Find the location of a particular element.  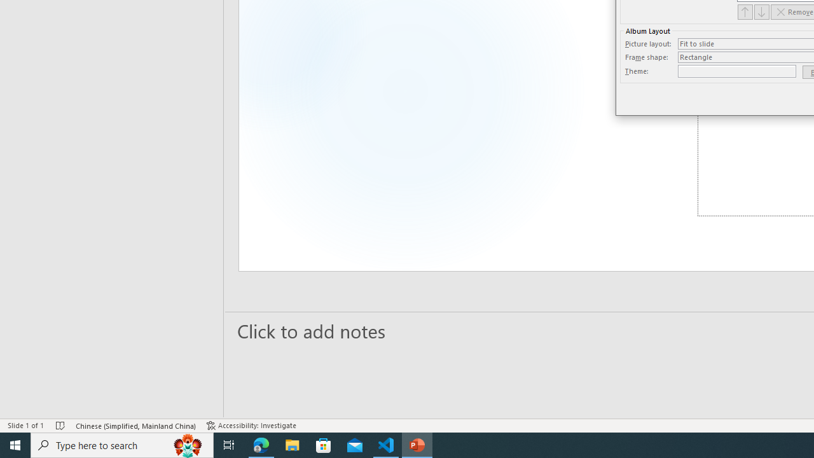

'Search highlights icon opens search home window' is located at coordinates (187, 444).